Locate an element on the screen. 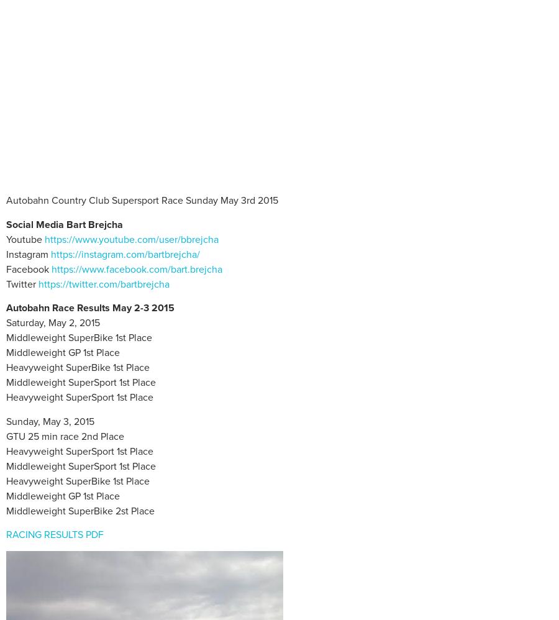  'https://twitter.com/bartbrejcha' is located at coordinates (104, 283).